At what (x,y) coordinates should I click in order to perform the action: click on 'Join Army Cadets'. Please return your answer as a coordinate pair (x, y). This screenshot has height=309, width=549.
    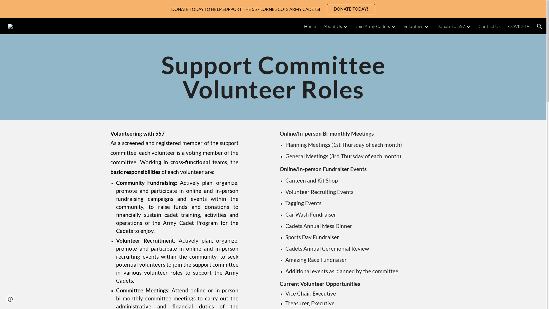
    Looking at the image, I should click on (373, 26).